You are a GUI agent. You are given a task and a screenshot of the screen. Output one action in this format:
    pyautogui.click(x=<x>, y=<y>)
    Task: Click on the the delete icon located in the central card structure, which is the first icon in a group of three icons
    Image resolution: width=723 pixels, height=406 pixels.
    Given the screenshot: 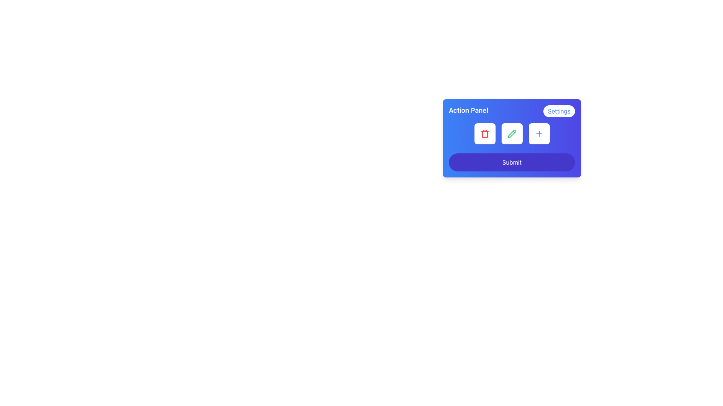 What is the action you would take?
    pyautogui.click(x=485, y=133)
    